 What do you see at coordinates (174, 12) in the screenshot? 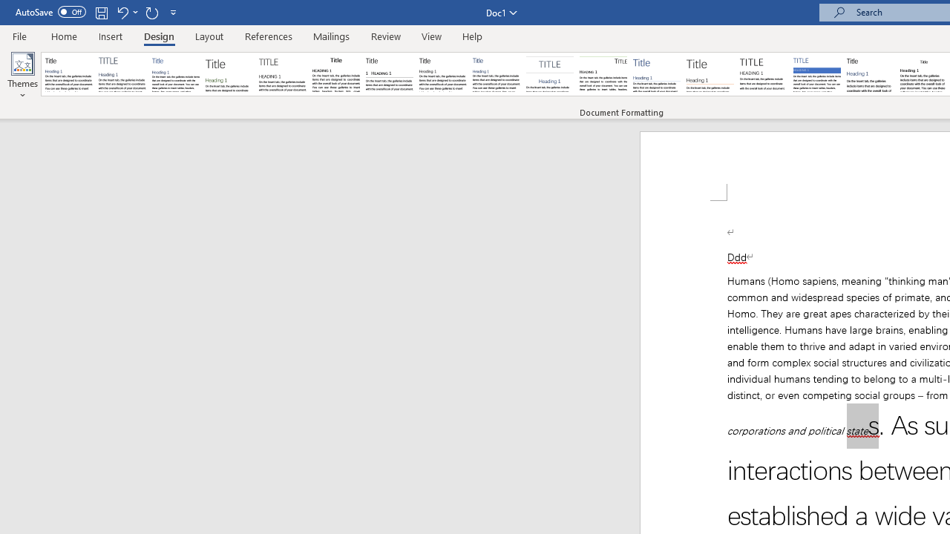
I see `'Customize Quick Access Toolbar'` at bounding box center [174, 12].